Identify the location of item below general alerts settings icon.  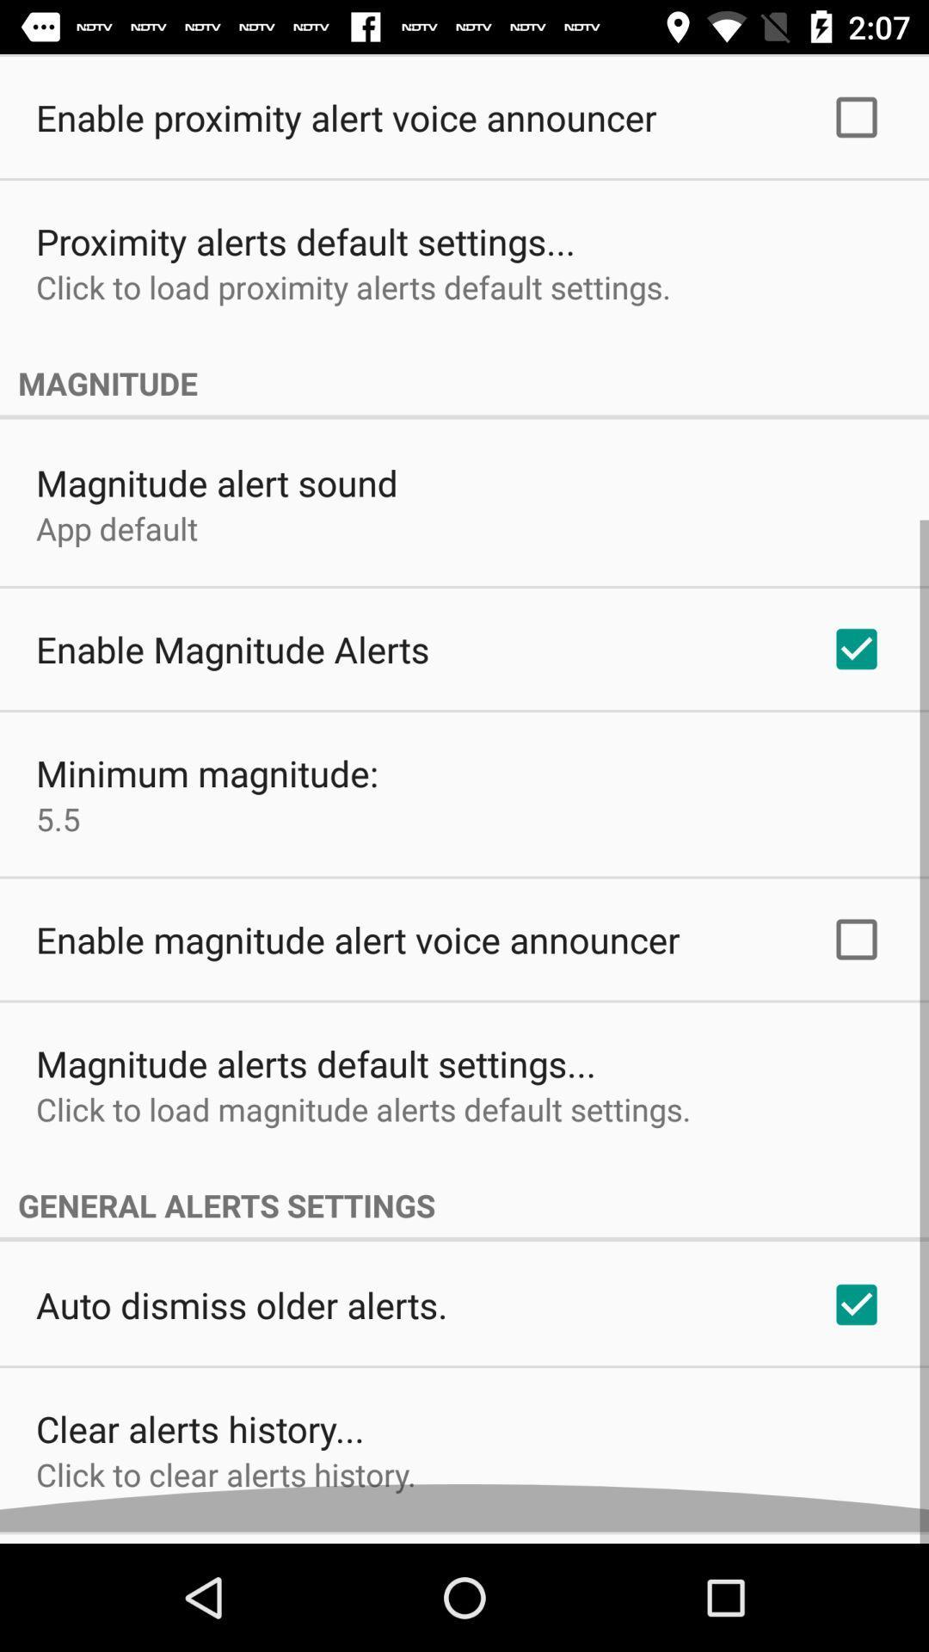
(242, 1316).